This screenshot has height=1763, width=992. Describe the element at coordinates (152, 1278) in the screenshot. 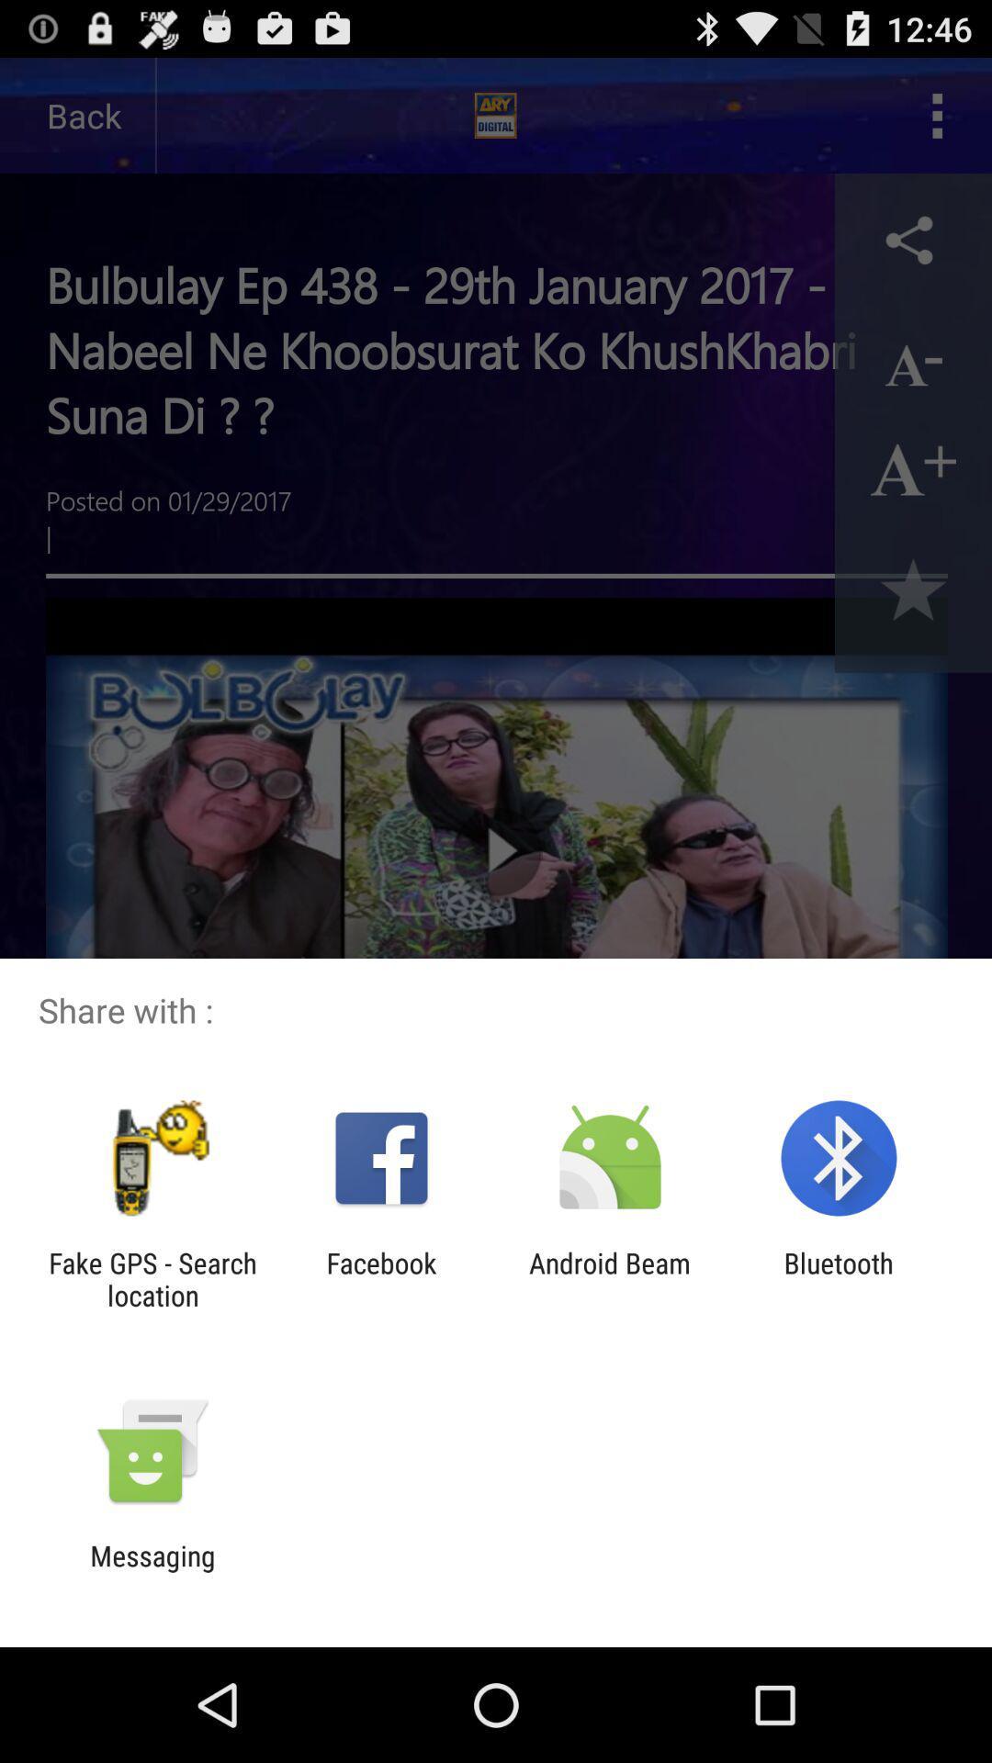

I see `item to the left of the facebook icon` at that location.